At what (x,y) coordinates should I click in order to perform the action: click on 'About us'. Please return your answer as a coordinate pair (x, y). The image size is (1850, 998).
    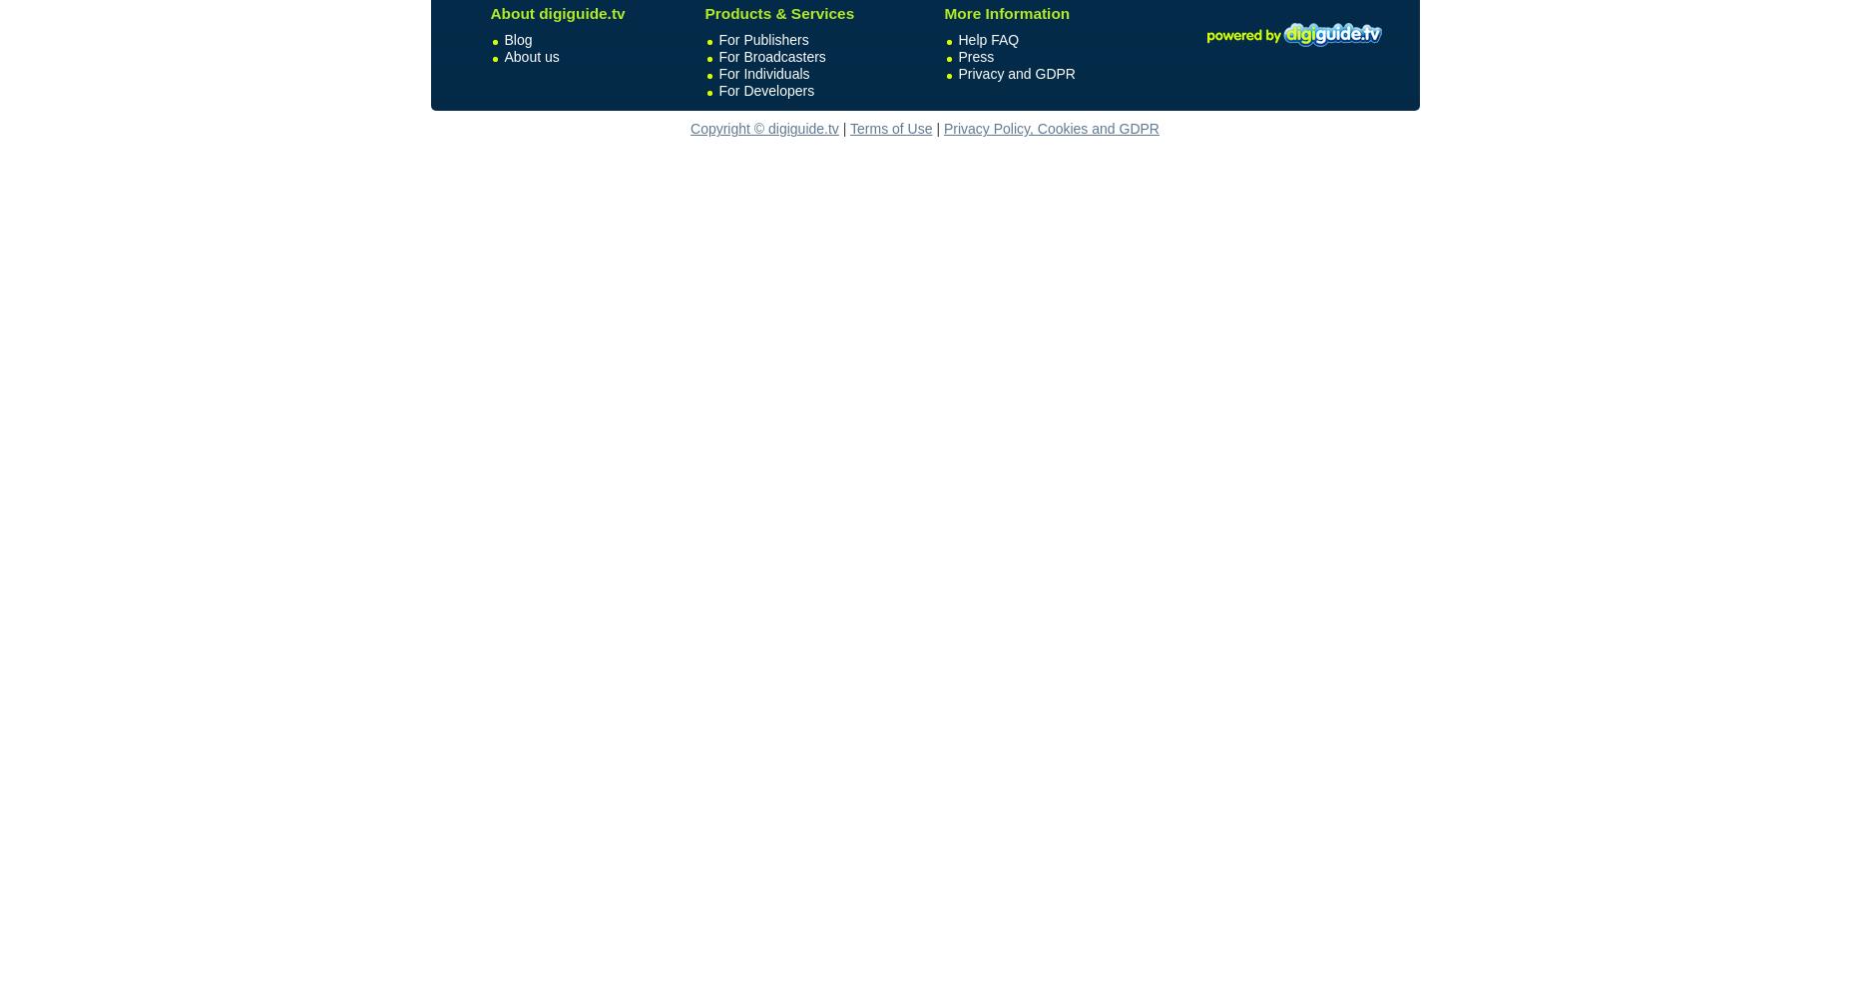
    Looking at the image, I should click on (531, 56).